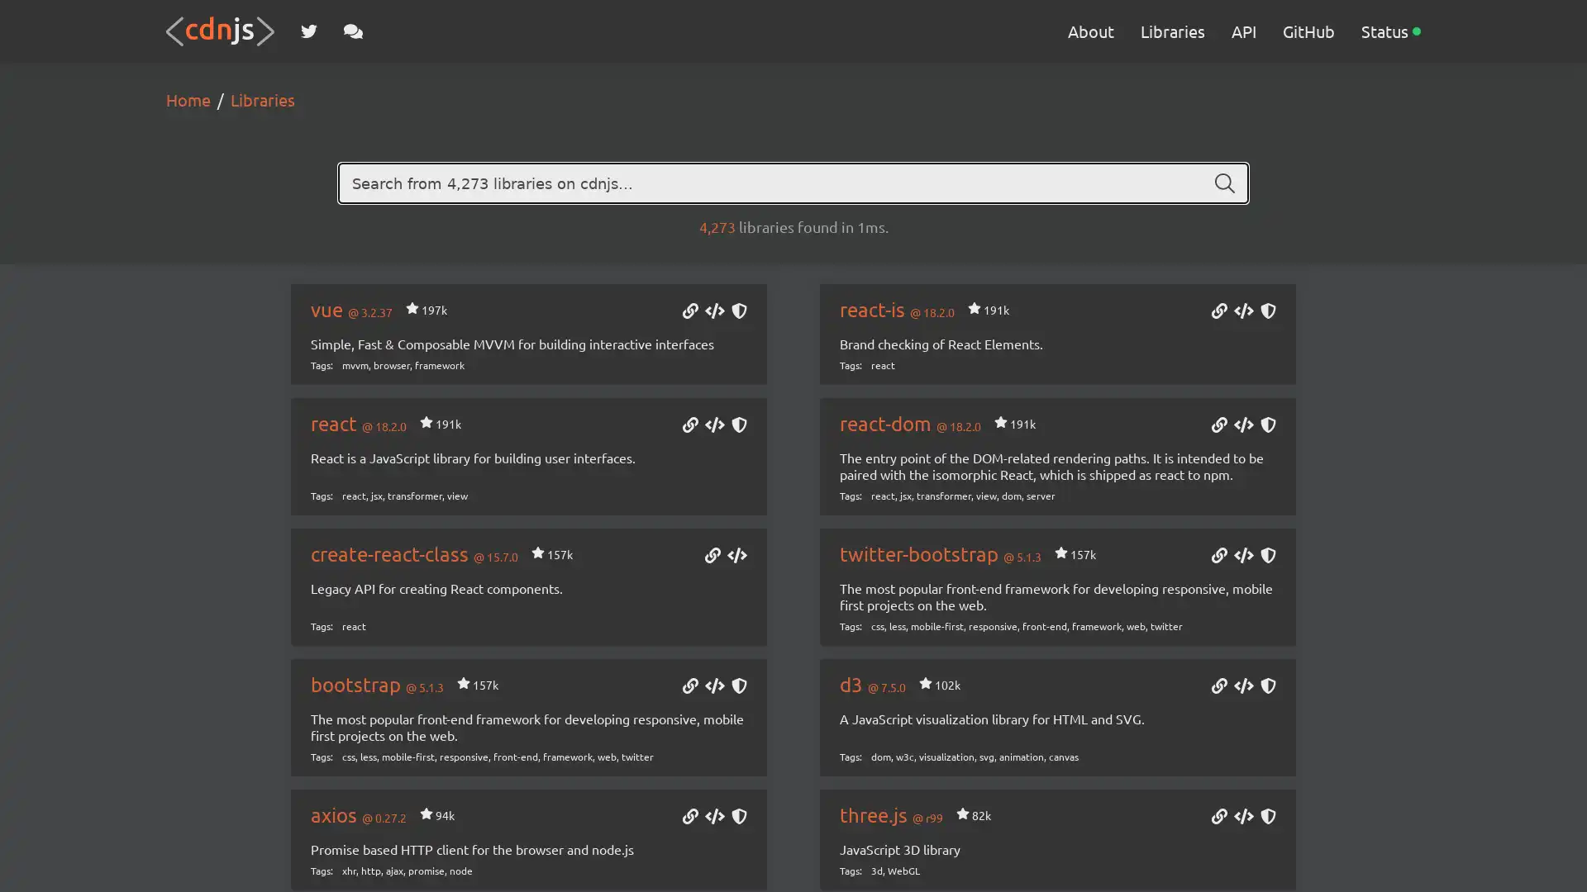 The width and height of the screenshot is (1587, 892). What do you see at coordinates (714, 312) in the screenshot?
I see `Copy Script Tag` at bounding box center [714, 312].